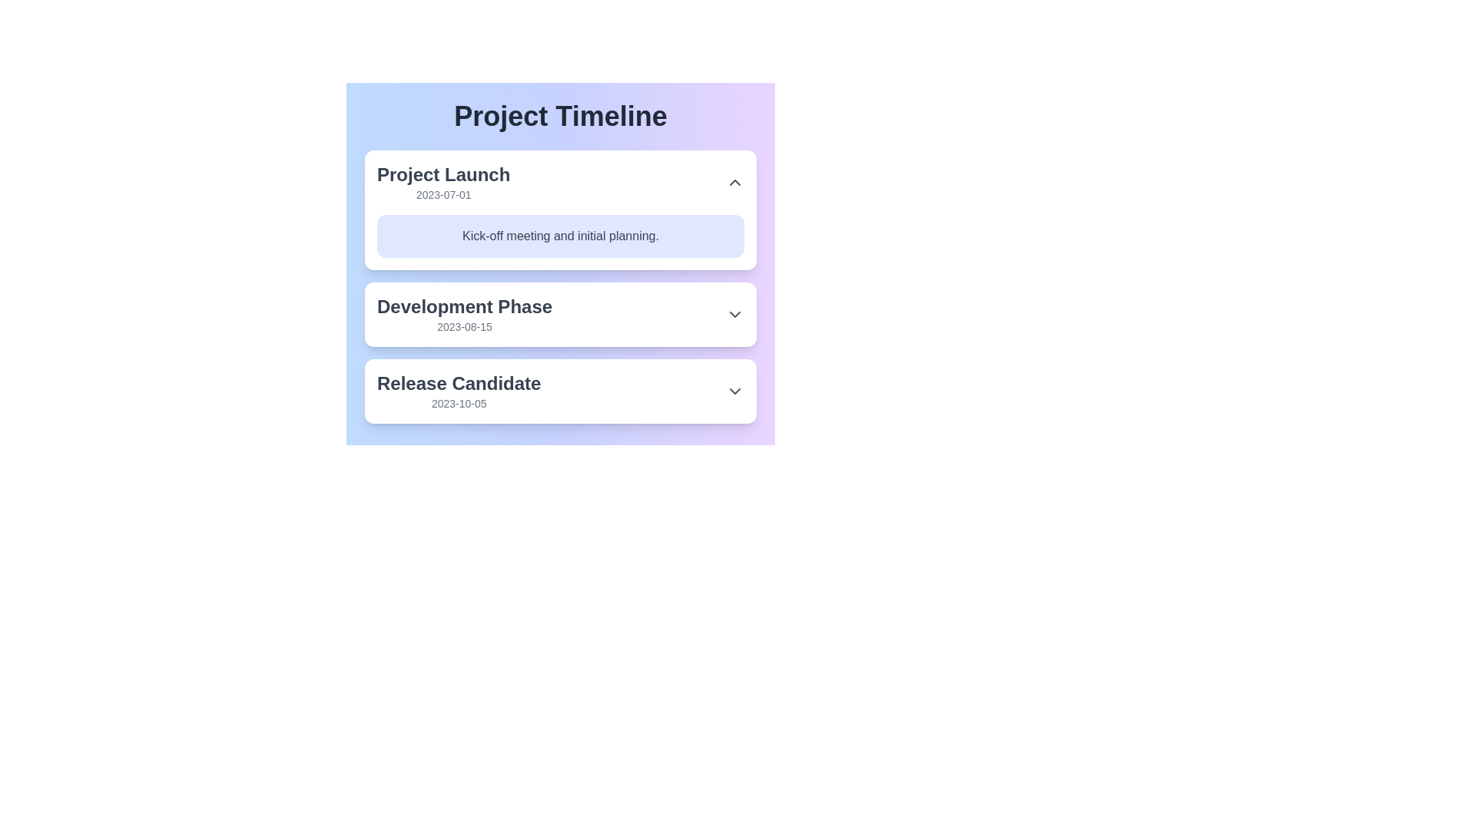 The width and height of the screenshot is (1475, 829). Describe the element at coordinates (458, 383) in the screenshot. I see `the text label indicating the stage 'Release Candidate' in the Project Timeline, located above the date '2023-10-05'` at that location.